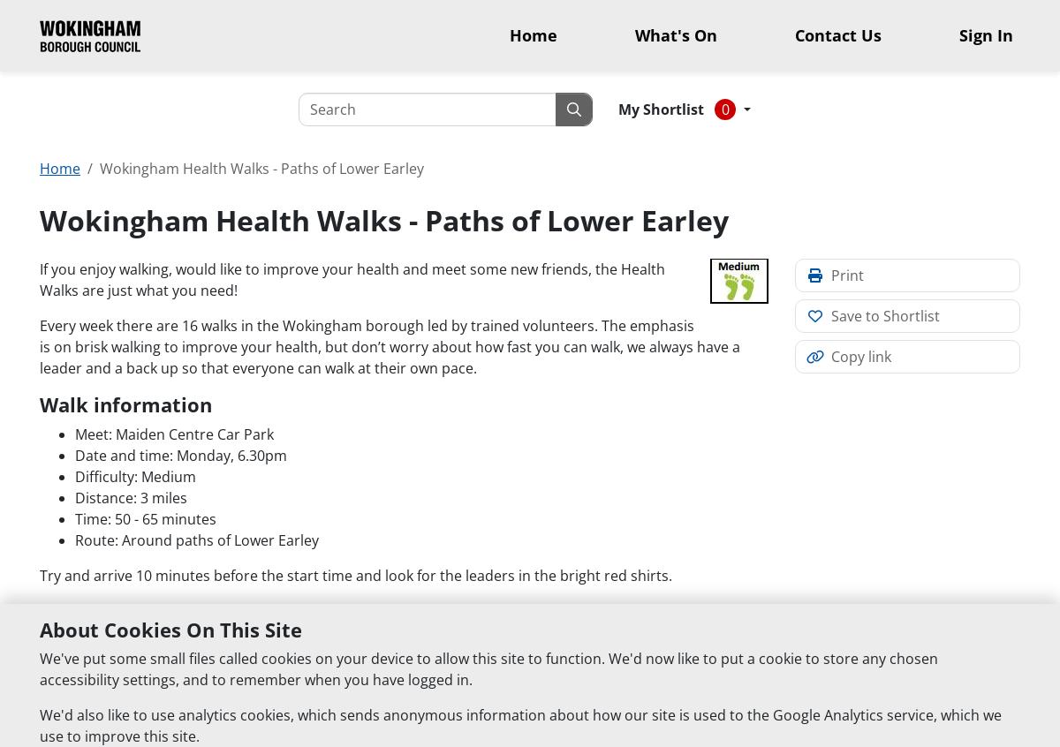 Image resolution: width=1060 pixels, height=747 pixels. Describe the element at coordinates (720, 109) in the screenshot. I see `'0'` at that location.